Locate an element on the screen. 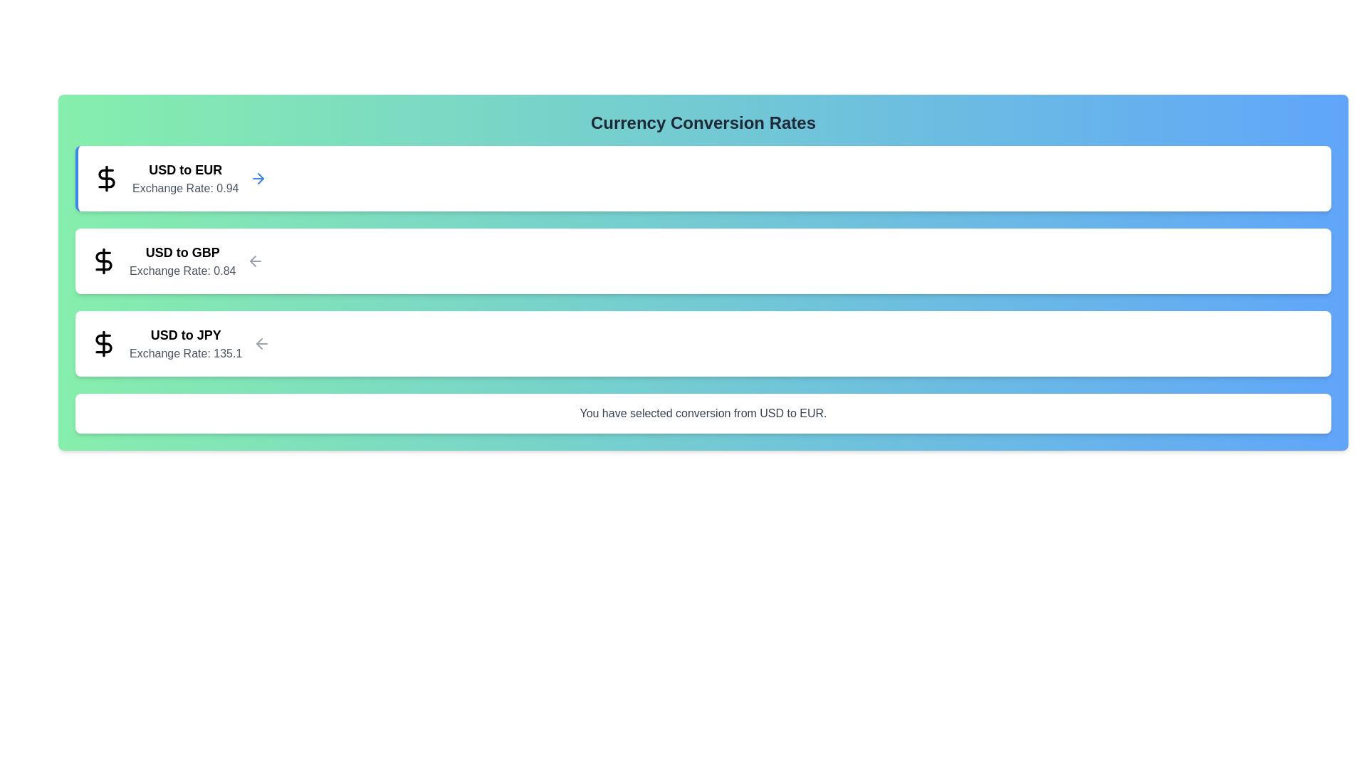 The width and height of the screenshot is (1367, 769). the navigational arrow icon located on the right side of the 'USD to EUR' list row to proceed or navigate is located at coordinates (261, 177).